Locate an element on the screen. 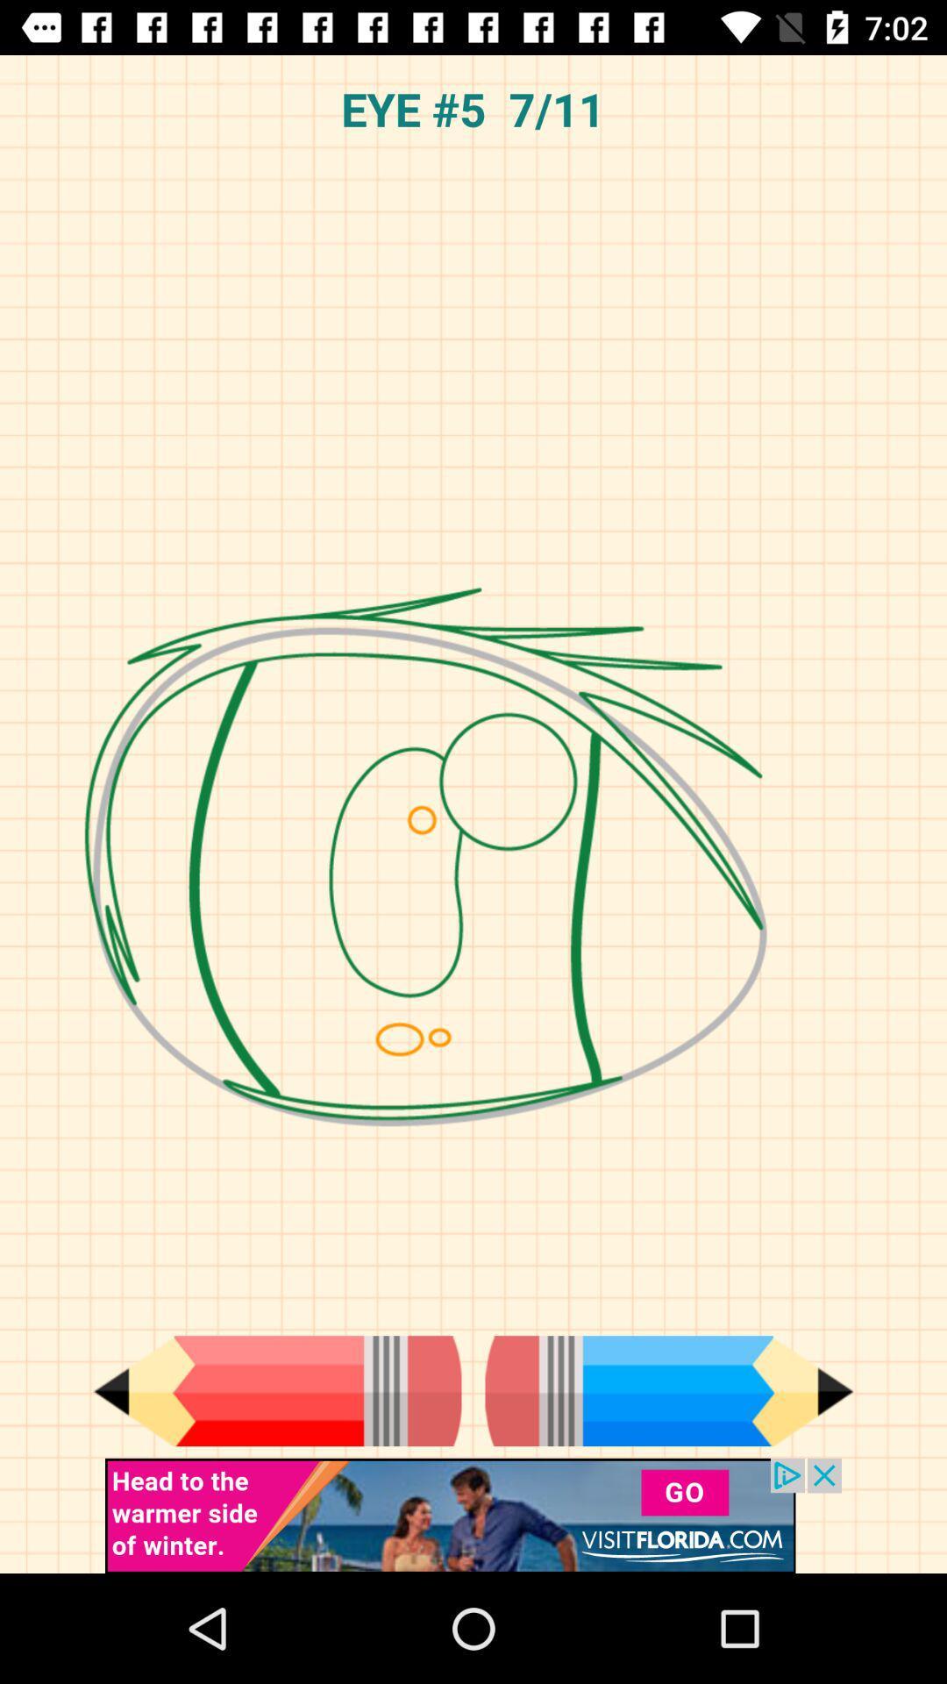 The height and width of the screenshot is (1684, 947). next page is located at coordinates (669, 1390).